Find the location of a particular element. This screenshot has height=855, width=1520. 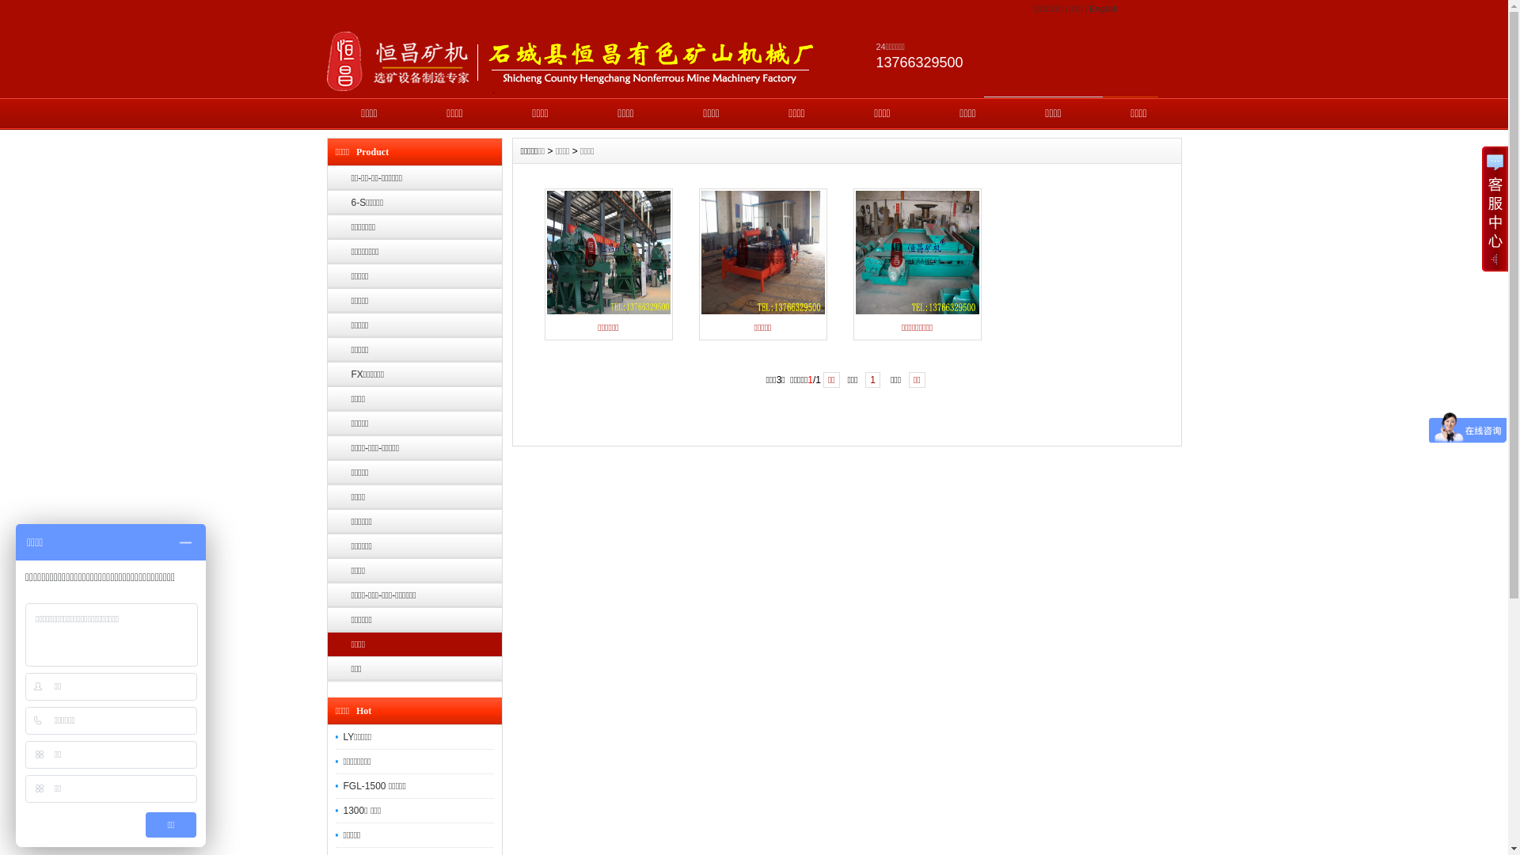

'English' is located at coordinates (1102, 9).